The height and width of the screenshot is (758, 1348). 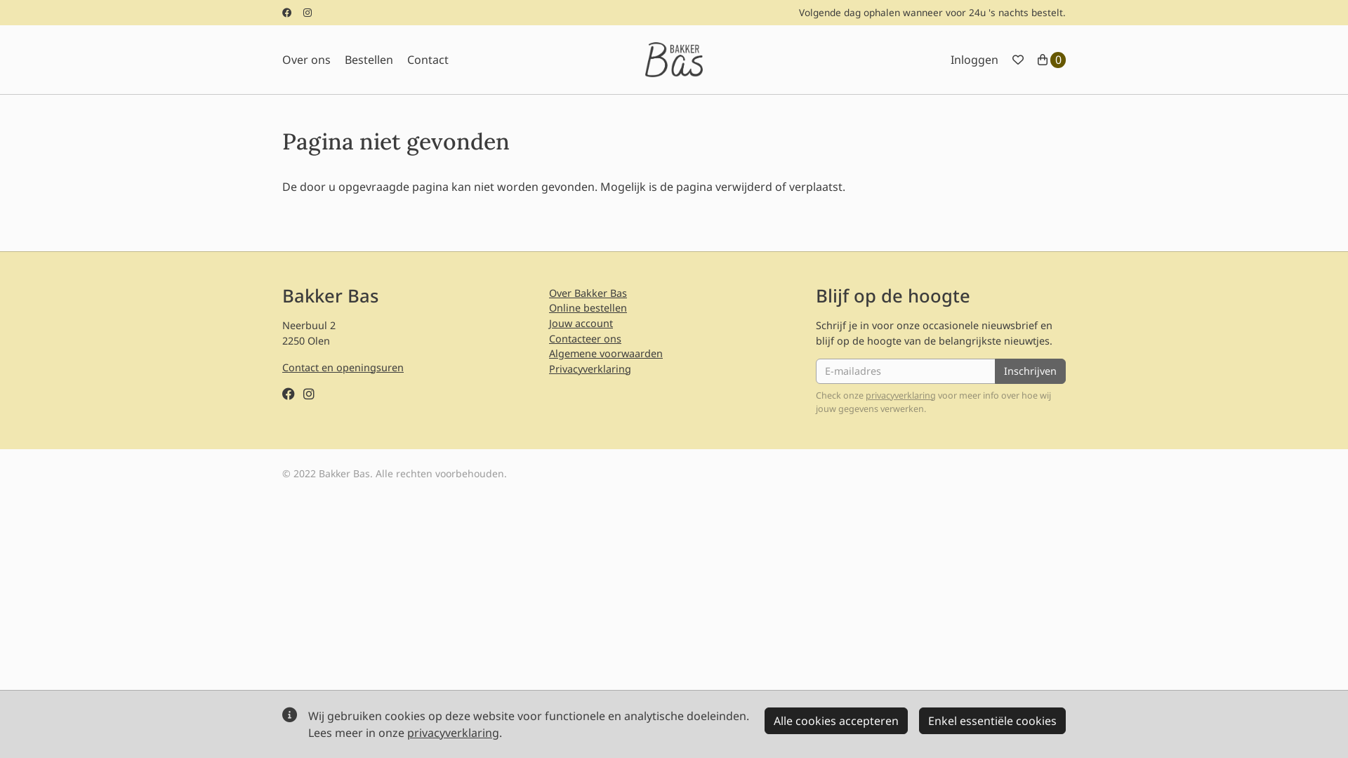 I want to click on 'Contacteer ons', so click(x=548, y=338).